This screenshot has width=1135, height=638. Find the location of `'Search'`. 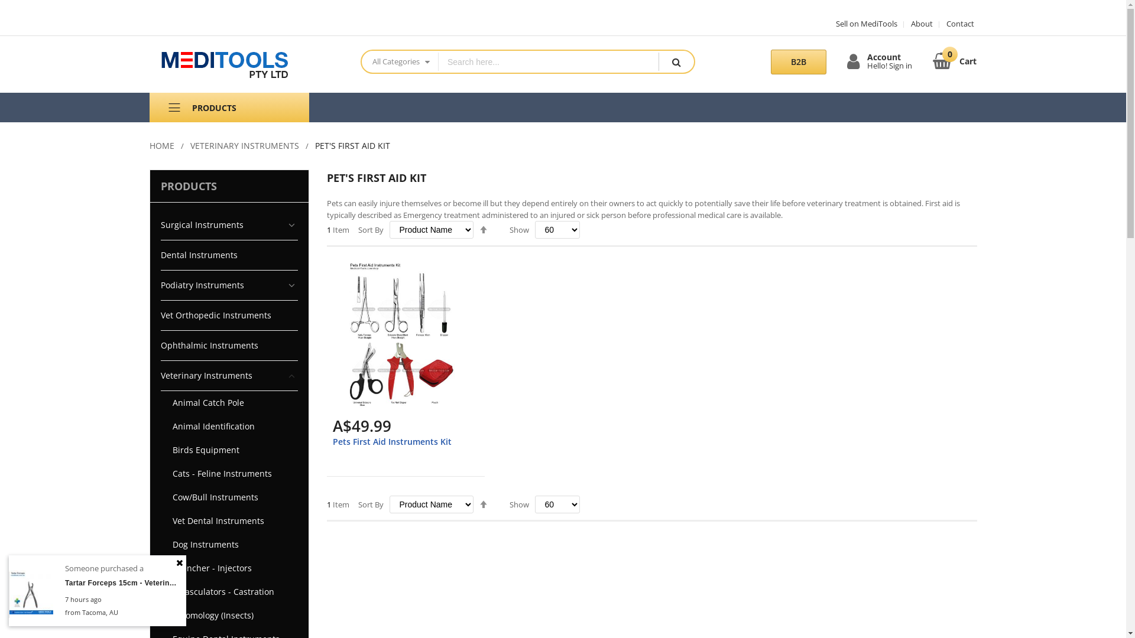

'Search' is located at coordinates (676, 61).